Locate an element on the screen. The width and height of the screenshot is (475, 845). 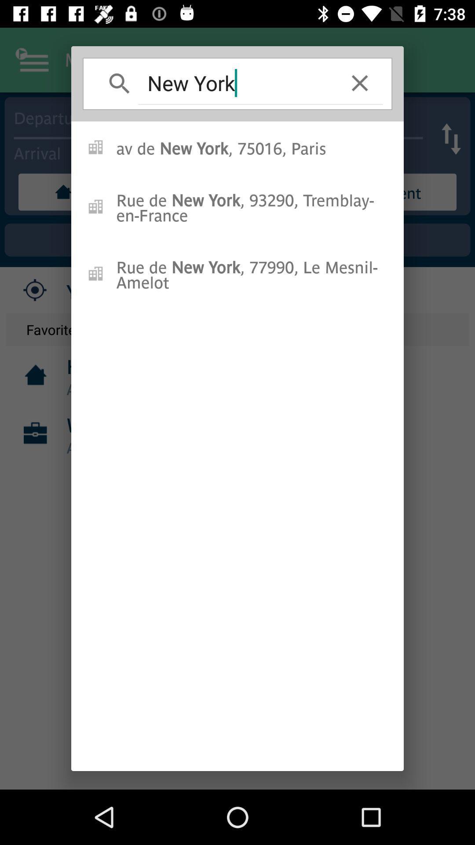
item to the right of new york is located at coordinates (360, 83).